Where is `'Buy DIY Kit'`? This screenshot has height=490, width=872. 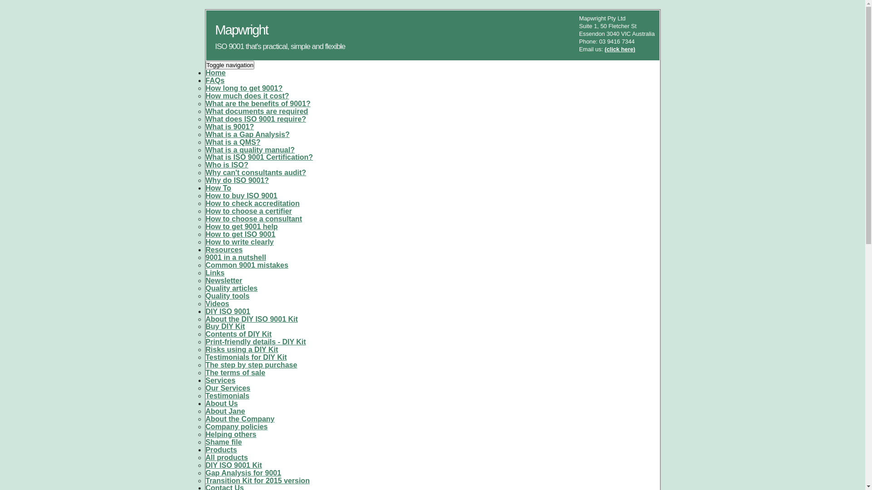
'Buy DIY Kit' is located at coordinates (204, 326).